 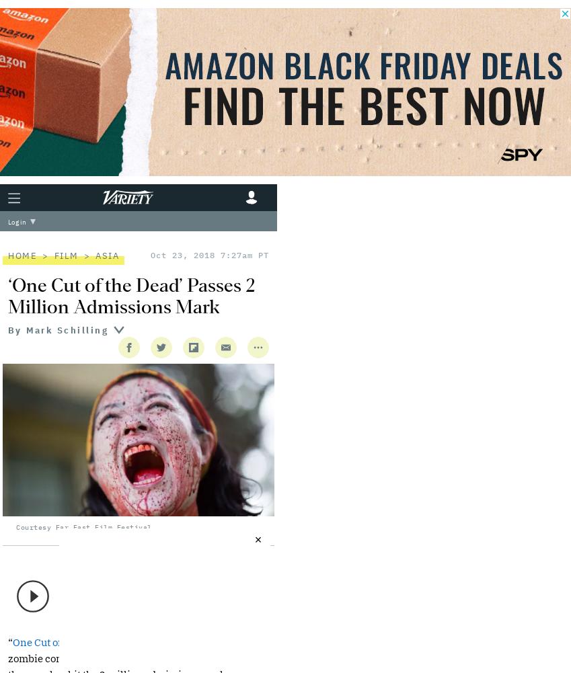 I want to click on 'By', so click(x=15, y=329).